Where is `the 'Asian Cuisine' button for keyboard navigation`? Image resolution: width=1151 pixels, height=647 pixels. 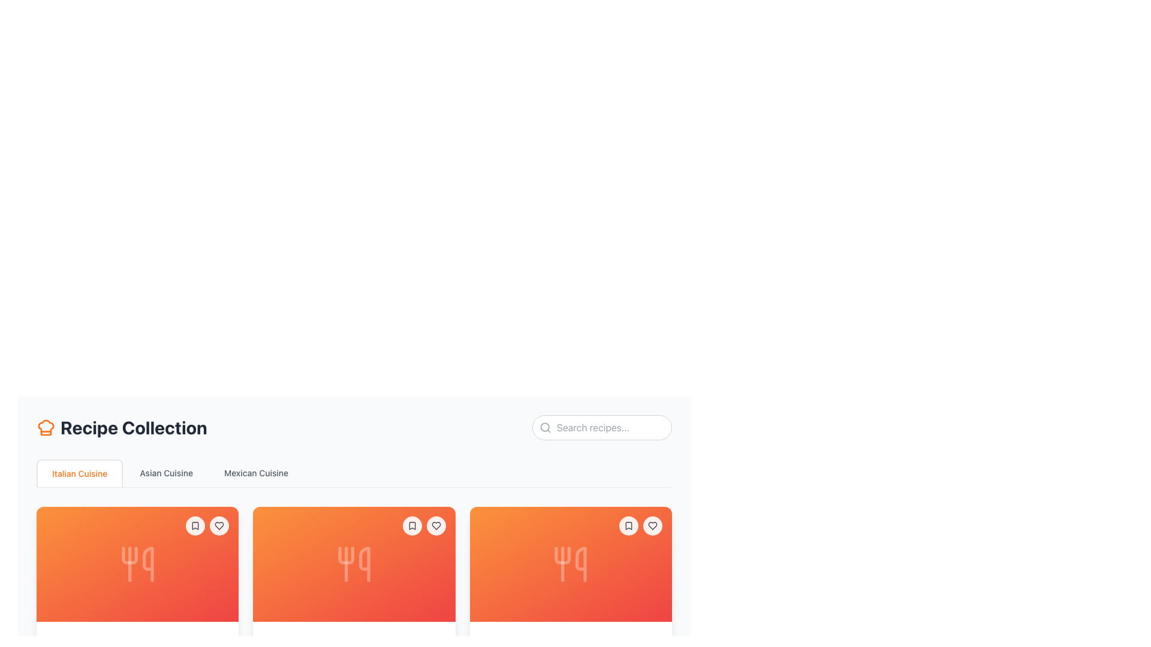
the 'Asian Cuisine' button for keyboard navigation is located at coordinates (165, 473).